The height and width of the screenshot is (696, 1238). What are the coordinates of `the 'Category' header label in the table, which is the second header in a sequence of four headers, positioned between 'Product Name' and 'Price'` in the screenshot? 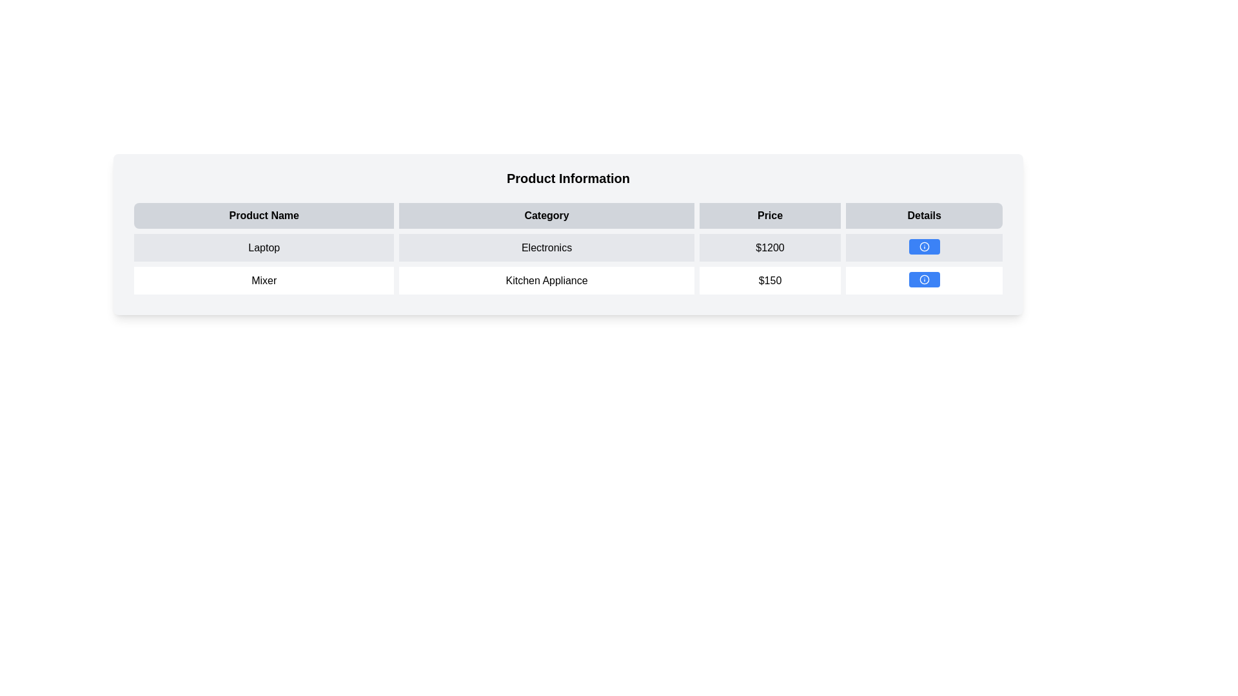 It's located at (547, 215).